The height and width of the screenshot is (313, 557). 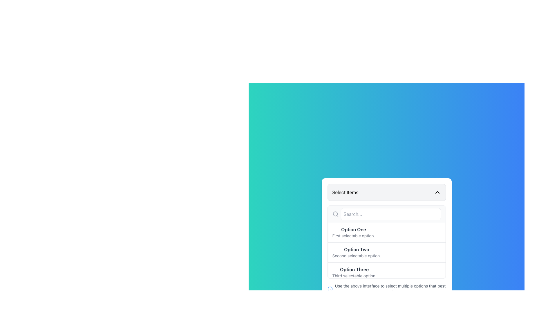 What do you see at coordinates (330, 289) in the screenshot?
I see `the outermost SVG circle with a blue stroke that is part of an information icon in the bottom right quadrant` at bounding box center [330, 289].